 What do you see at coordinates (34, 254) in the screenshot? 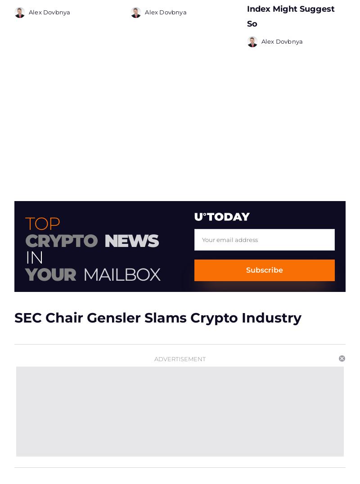
I see `'in'` at bounding box center [34, 254].